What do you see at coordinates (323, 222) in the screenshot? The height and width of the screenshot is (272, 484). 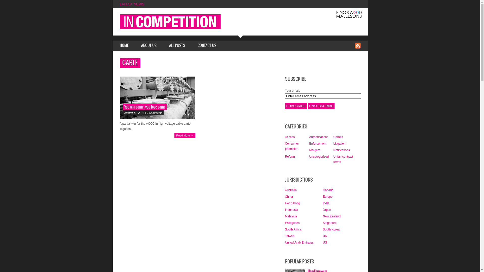 I see `'Singapore'` at bounding box center [323, 222].